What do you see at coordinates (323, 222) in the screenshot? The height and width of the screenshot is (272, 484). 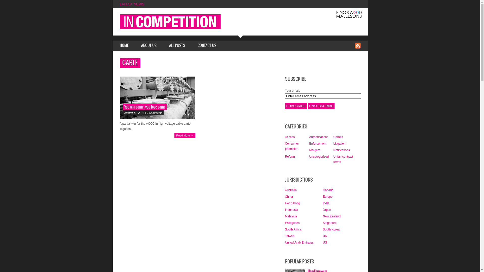 I see `'Singapore'` at bounding box center [323, 222].